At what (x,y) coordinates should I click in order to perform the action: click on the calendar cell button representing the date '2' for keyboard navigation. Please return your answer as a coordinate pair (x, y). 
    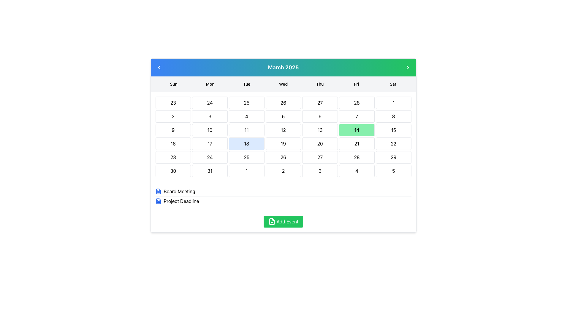
    Looking at the image, I should click on (283, 171).